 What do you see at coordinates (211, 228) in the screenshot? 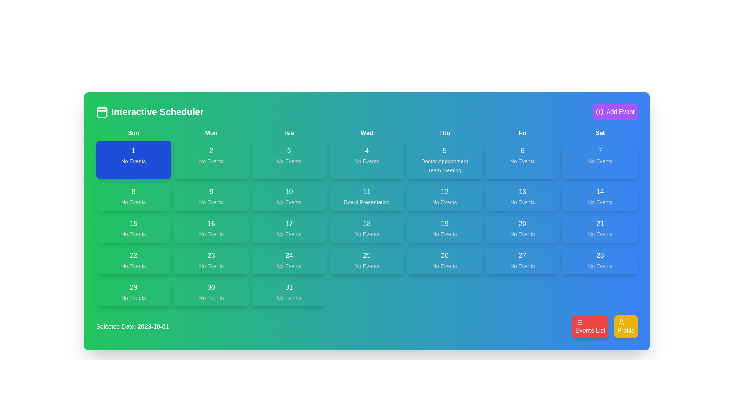
I see `the calendar day display tile for the date 16, which shows 'No Events' under the 'Mon' header in the calendar grid` at bounding box center [211, 228].